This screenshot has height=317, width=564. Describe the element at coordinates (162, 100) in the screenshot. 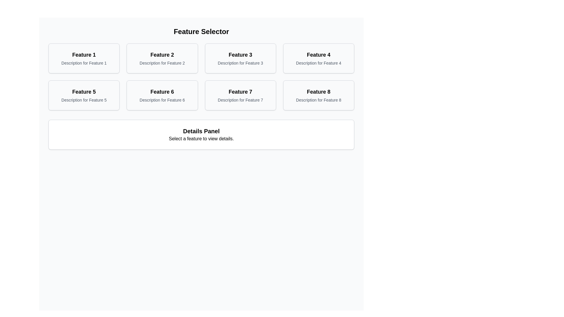

I see `the label displaying 'Description for Feature 6', which is styled in a small, gray font and positioned beneath the heading 'Feature 6'` at that location.